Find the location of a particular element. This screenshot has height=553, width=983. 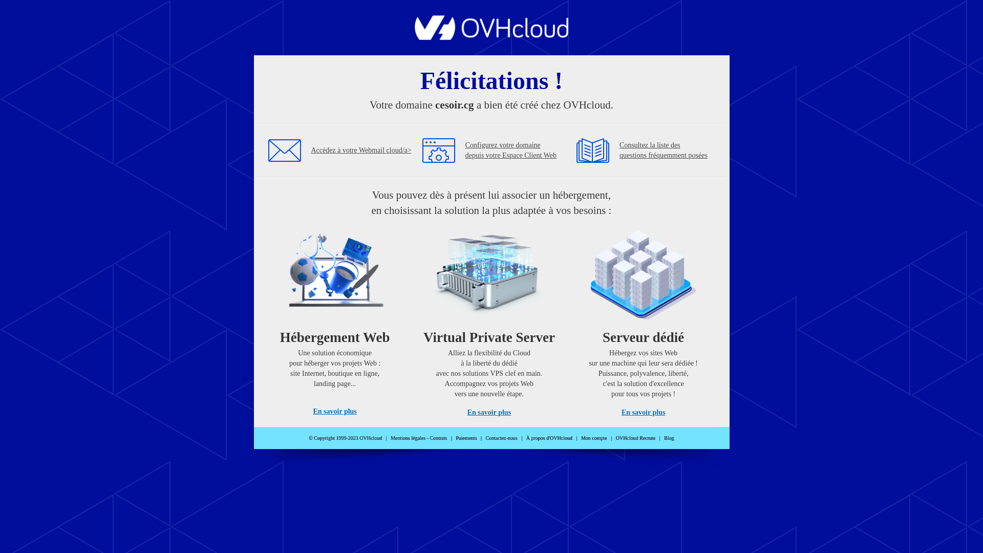

'Configurez votre domaine is located at coordinates (511, 150).